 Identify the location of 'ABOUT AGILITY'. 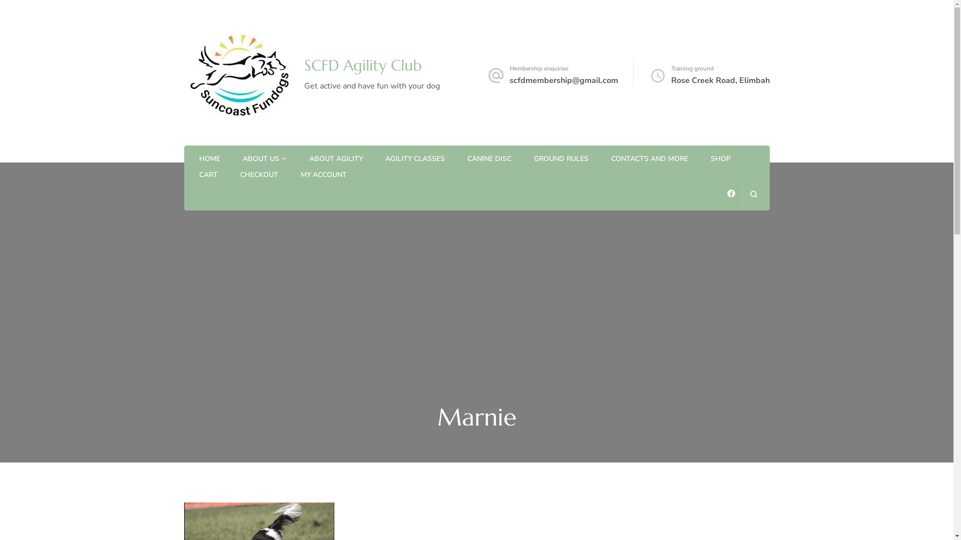
(336, 159).